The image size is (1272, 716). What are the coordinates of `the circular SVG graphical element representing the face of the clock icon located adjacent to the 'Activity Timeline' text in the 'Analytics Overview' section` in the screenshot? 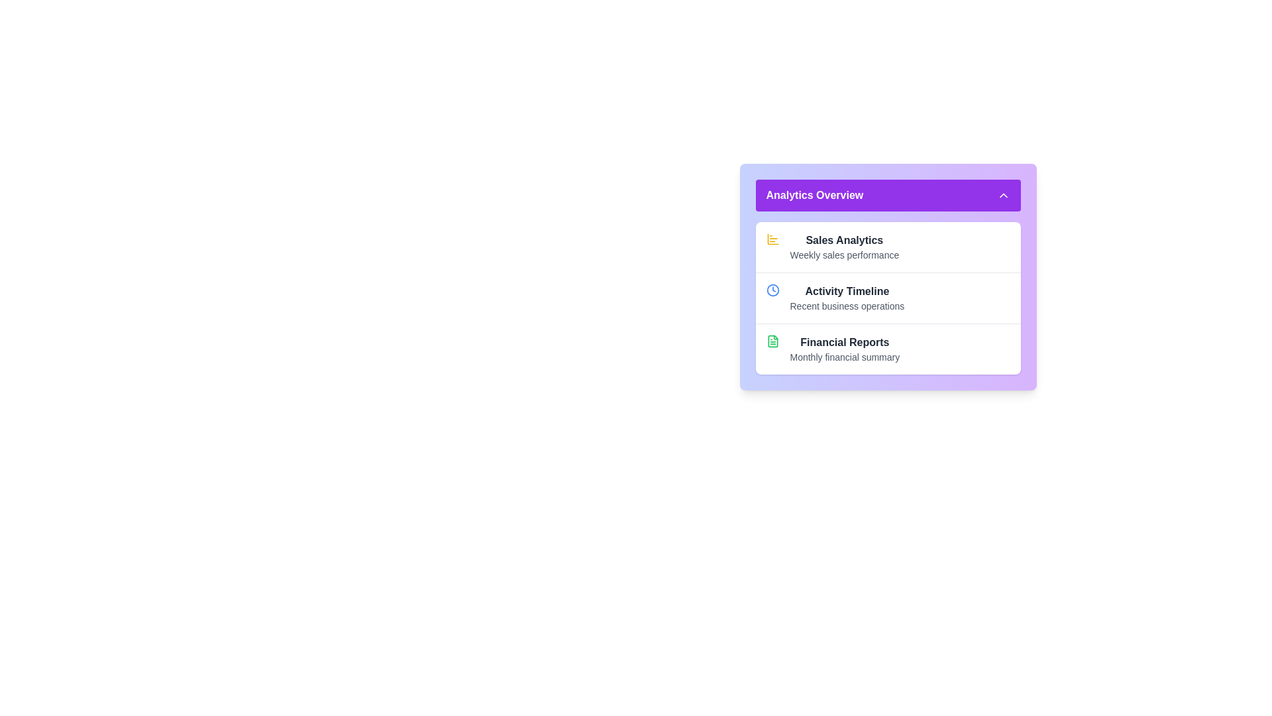 It's located at (772, 290).